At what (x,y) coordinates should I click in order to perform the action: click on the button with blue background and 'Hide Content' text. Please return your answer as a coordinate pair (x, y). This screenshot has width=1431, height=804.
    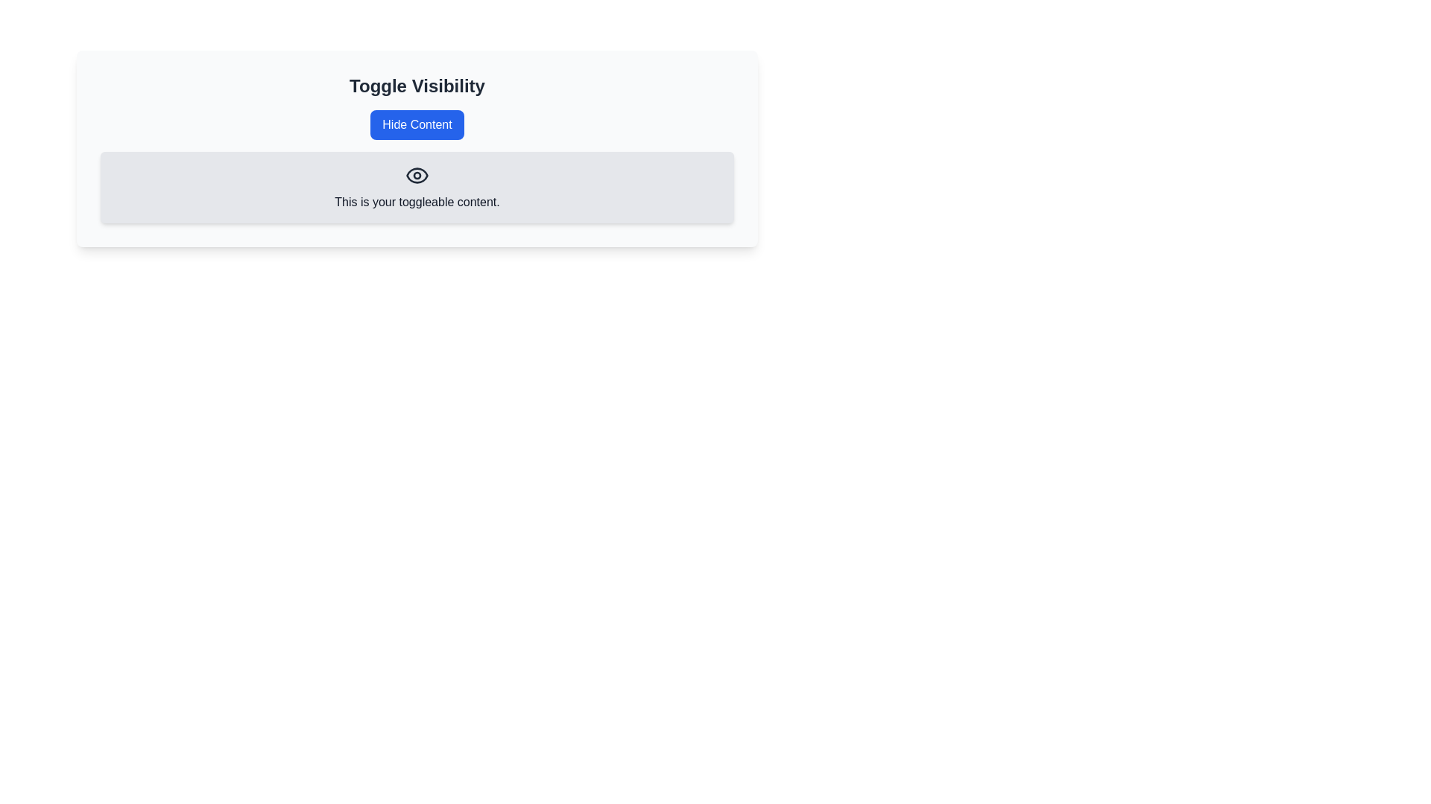
    Looking at the image, I should click on (417, 124).